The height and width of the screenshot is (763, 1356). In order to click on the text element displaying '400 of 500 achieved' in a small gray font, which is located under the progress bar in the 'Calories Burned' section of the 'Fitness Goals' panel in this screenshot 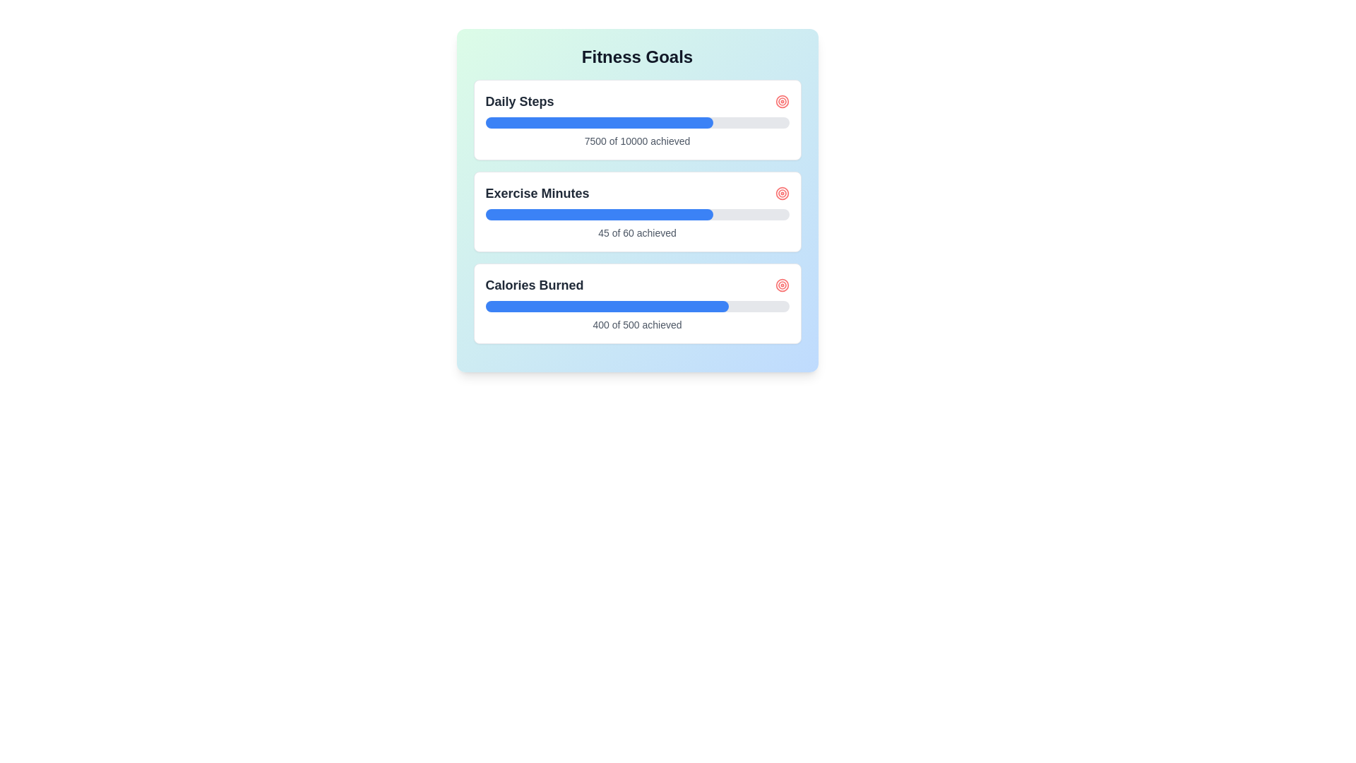, I will do `click(636, 324)`.